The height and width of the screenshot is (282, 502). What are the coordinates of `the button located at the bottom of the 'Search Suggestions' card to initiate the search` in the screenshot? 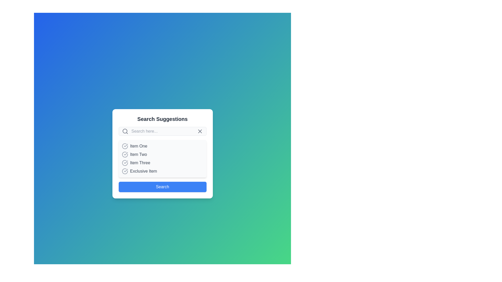 It's located at (162, 187).